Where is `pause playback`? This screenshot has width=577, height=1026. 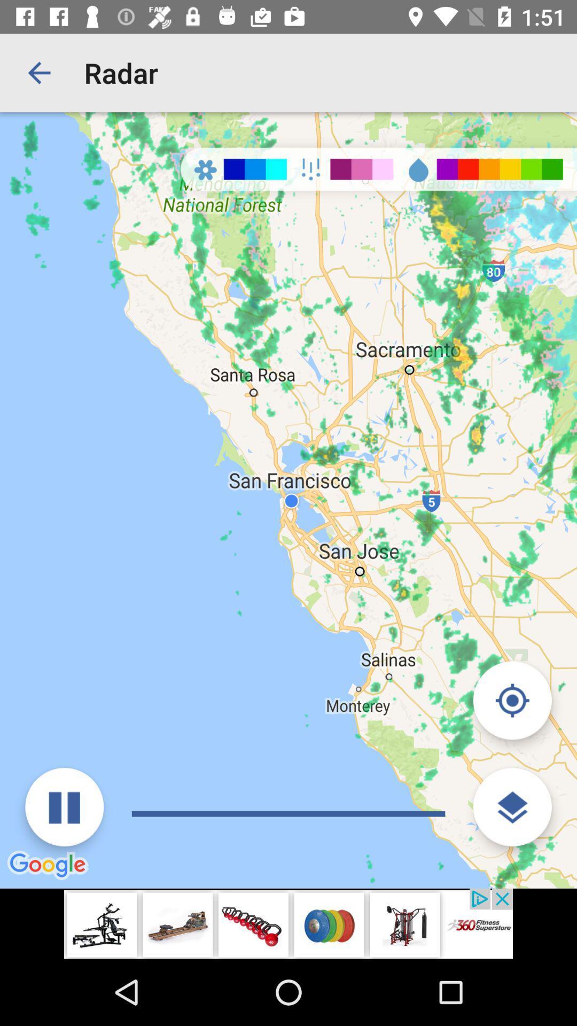
pause playback is located at coordinates (64, 807).